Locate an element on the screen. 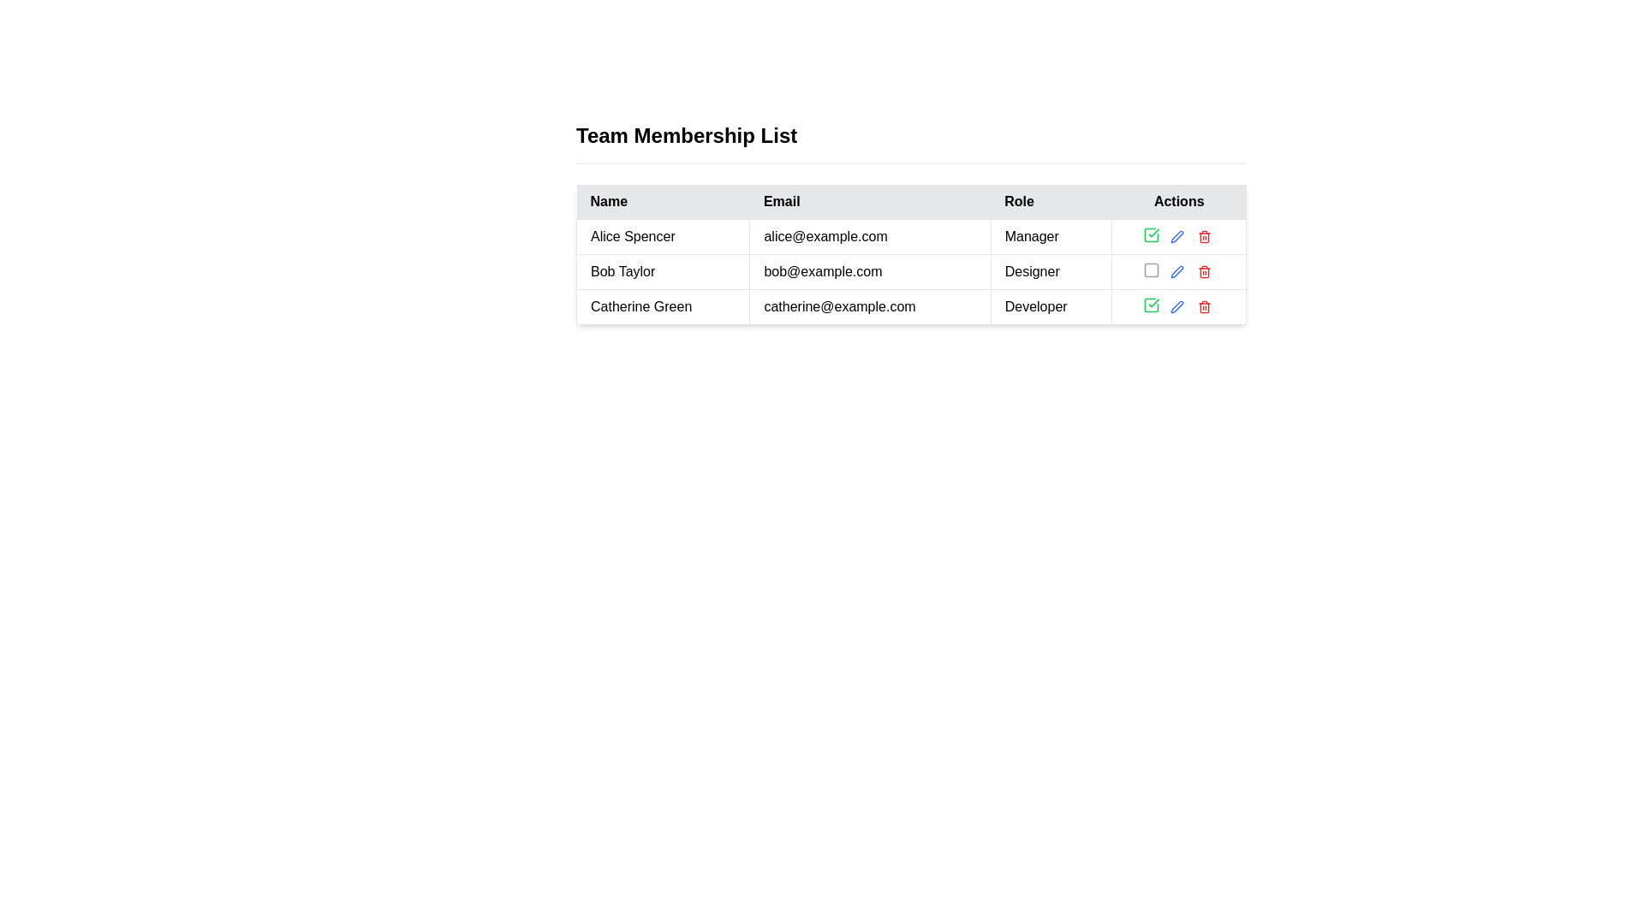 The width and height of the screenshot is (1644, 924). the small blue button with a pen icon located in the 'Actions' column of the last row in the table, which is the second clickable component in the row is located at coordinates (1176, 305).